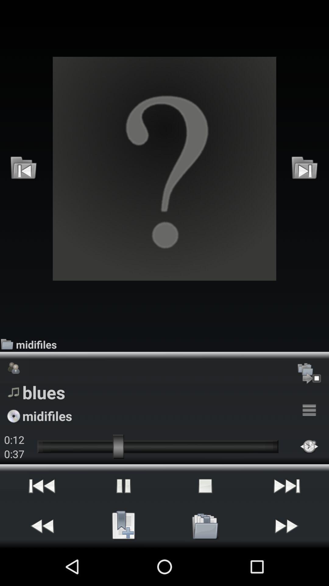 The width and height of the screenshot is (329, 586). Describe the element at coordinates (42, 562) in the screenshot. I see `the av_rewind icon` at that location.